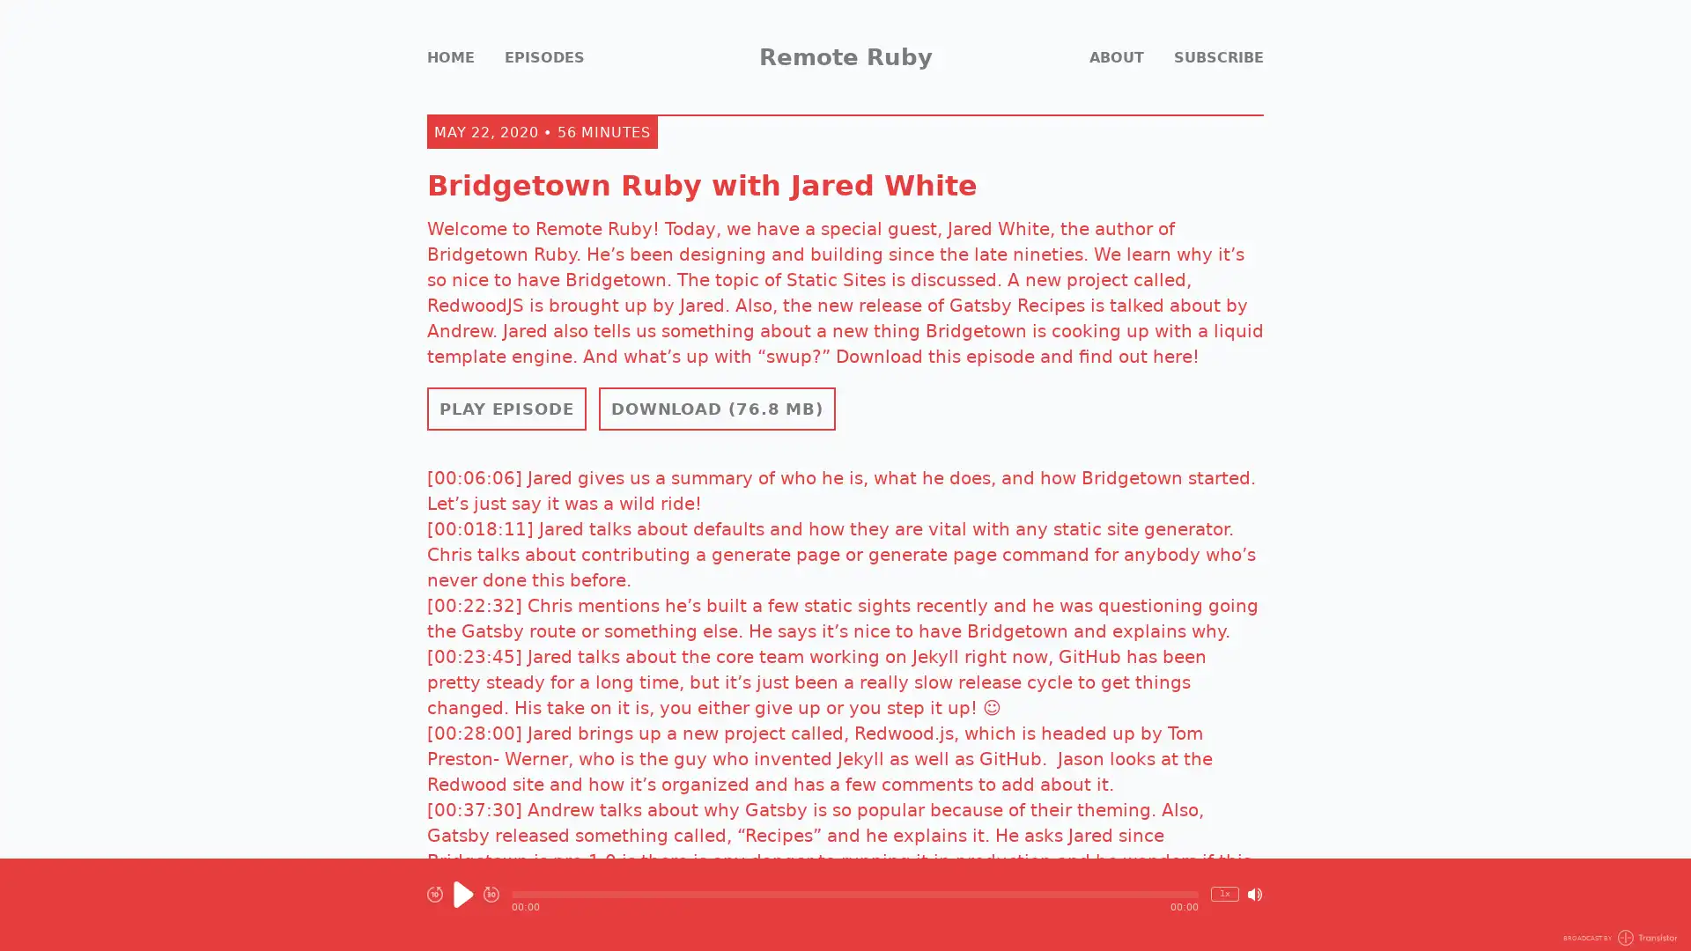  Describe the element at coordinates (491, 894) in the screenshot. I see `Fast Forward 30 seconds` at that location.